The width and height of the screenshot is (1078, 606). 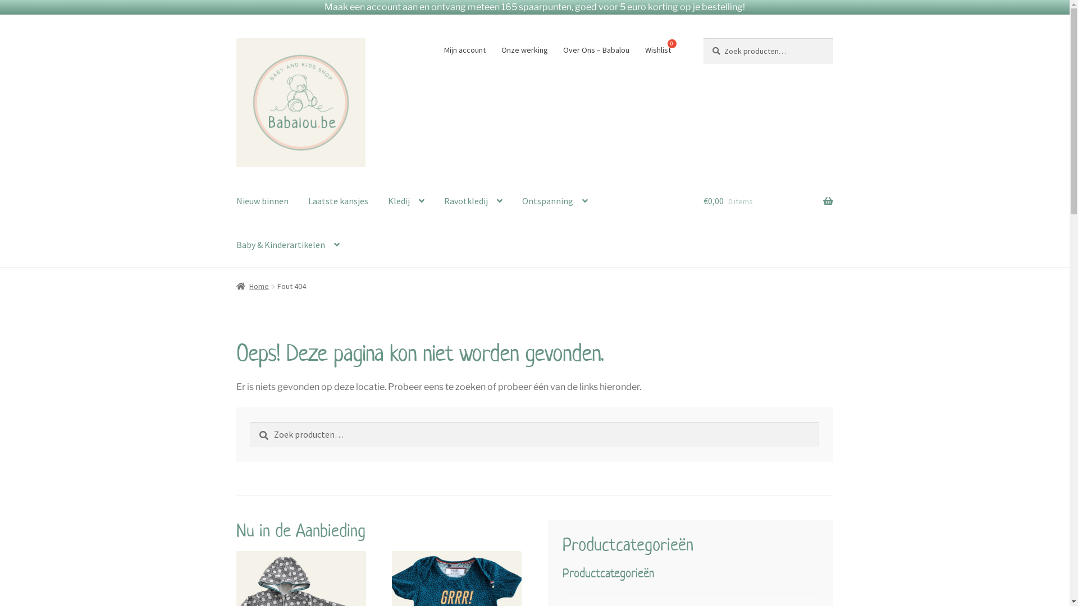 I want to click on 'Nieuw binnen', so click(x=262, y=201).